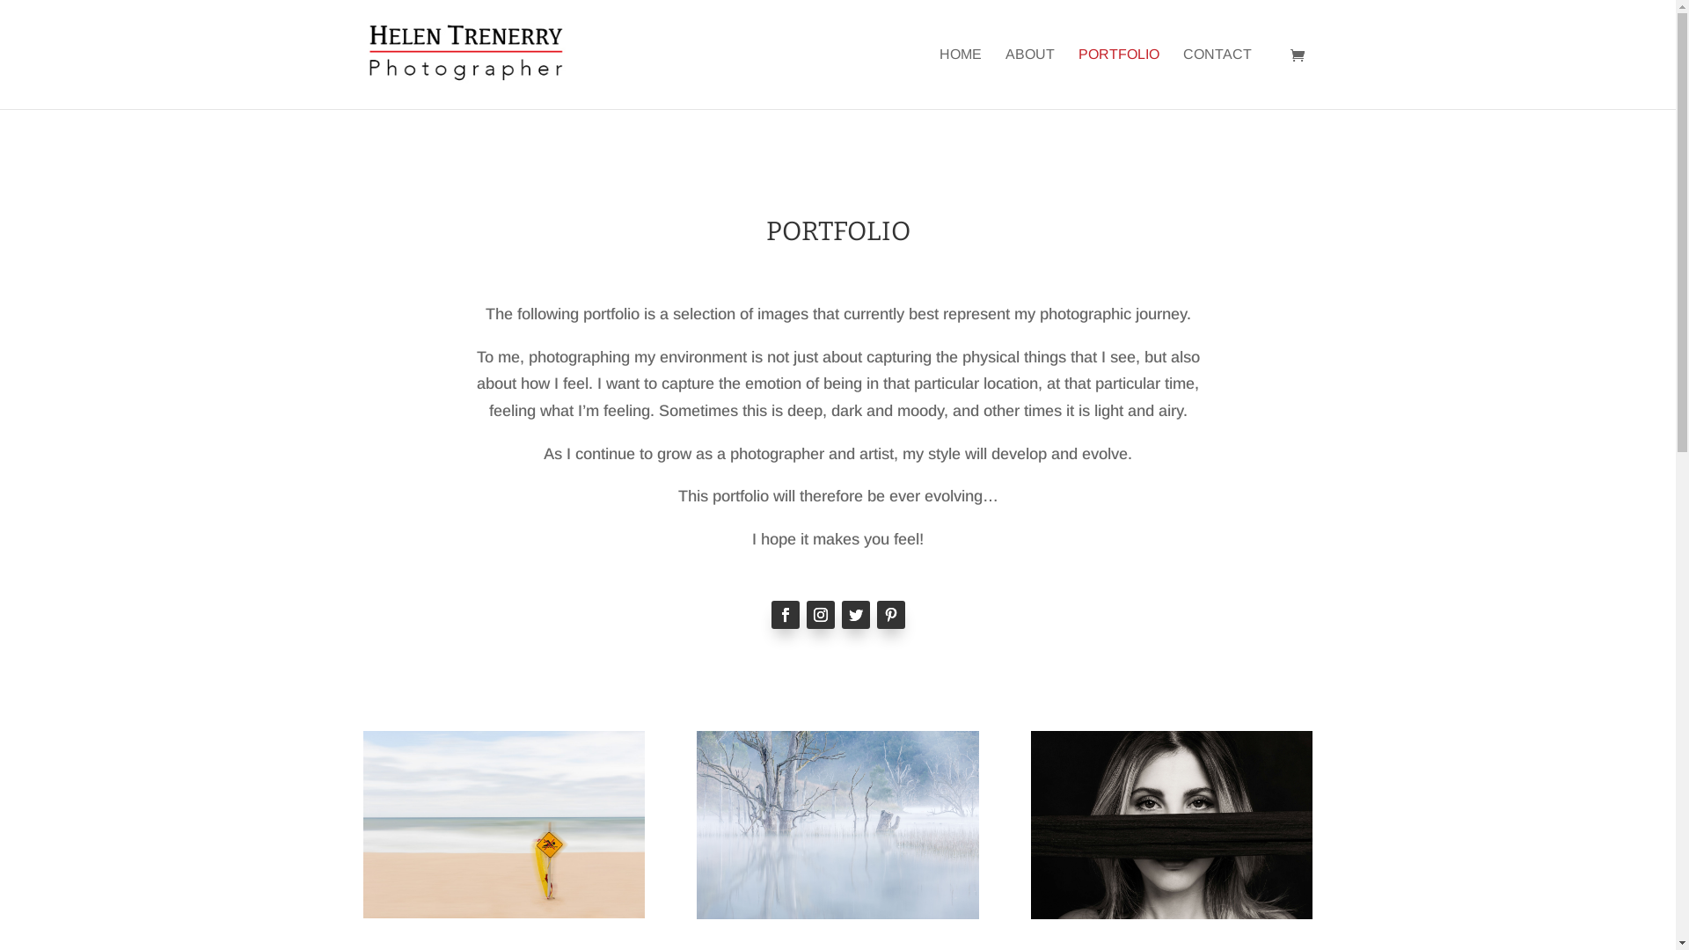  I want to click on 'CONTACT', so click(1215, 77).